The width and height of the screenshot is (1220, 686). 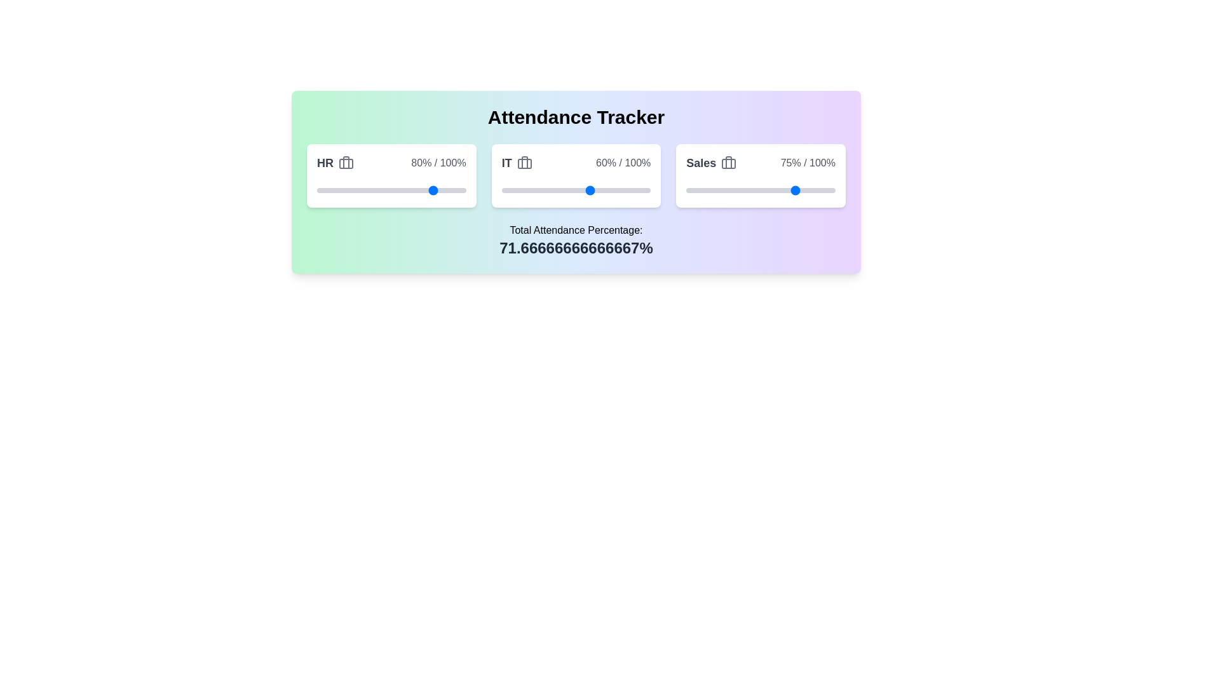 I want to click on HR attendance percentage, so click(x=430, y=191).